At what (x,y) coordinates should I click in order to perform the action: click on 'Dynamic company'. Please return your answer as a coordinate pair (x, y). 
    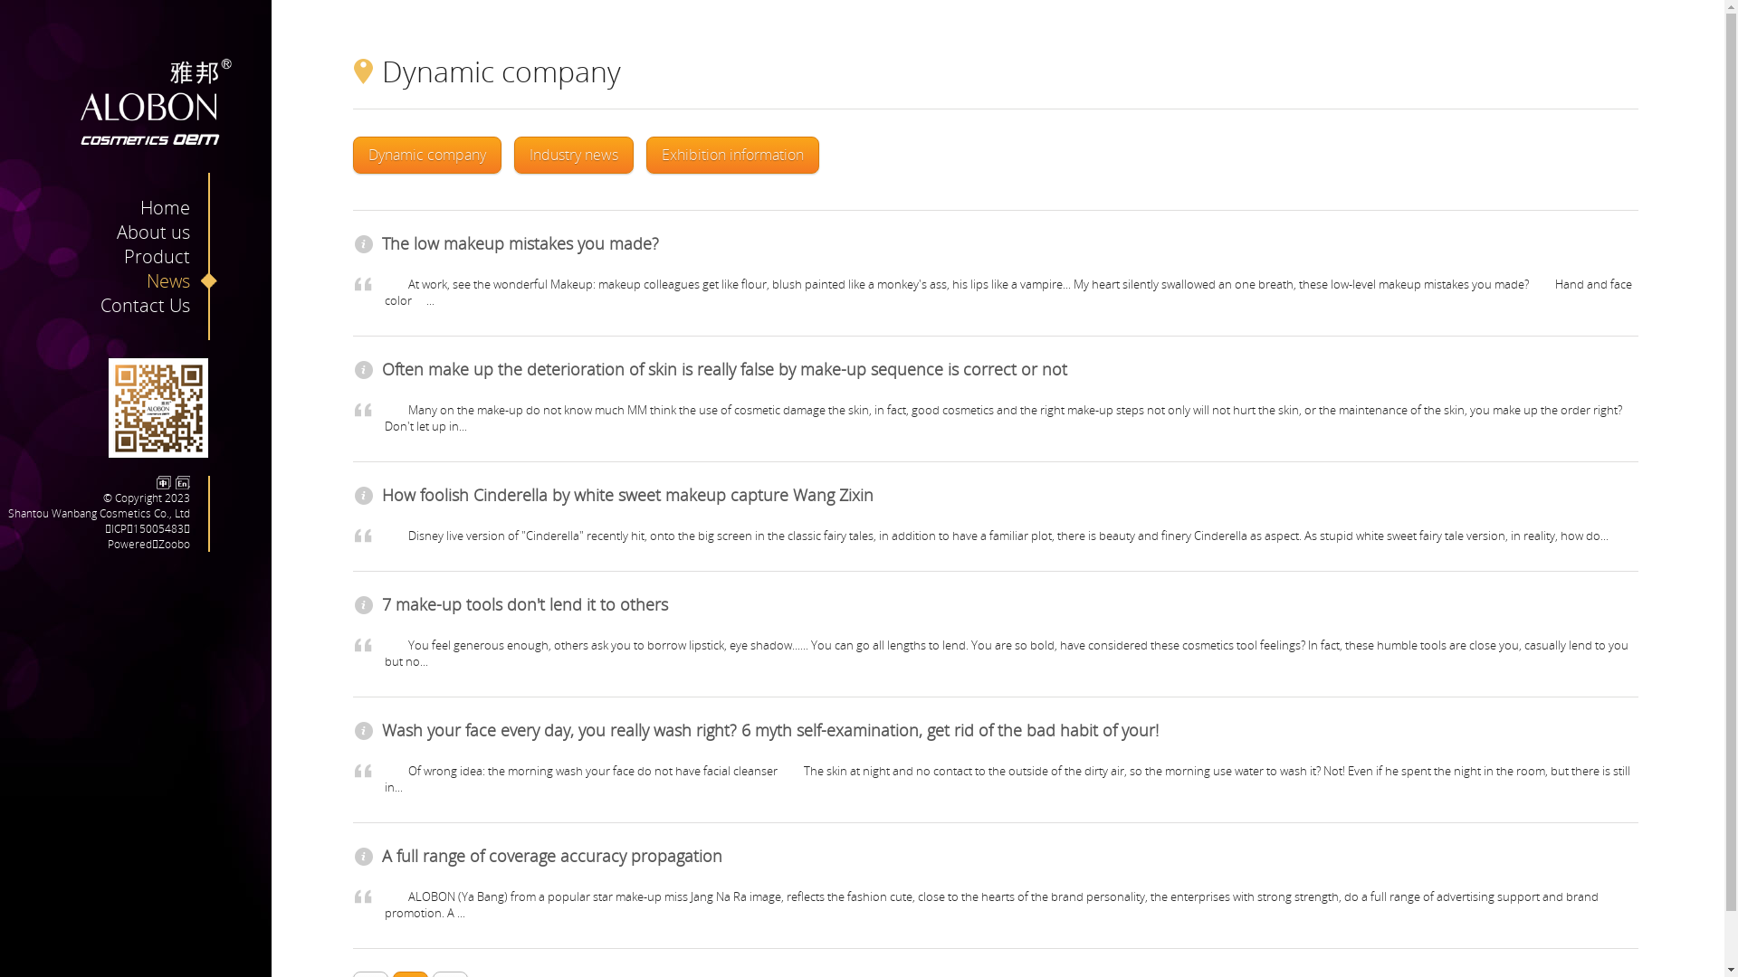
    Looking at the image, I should click on (425, 154).